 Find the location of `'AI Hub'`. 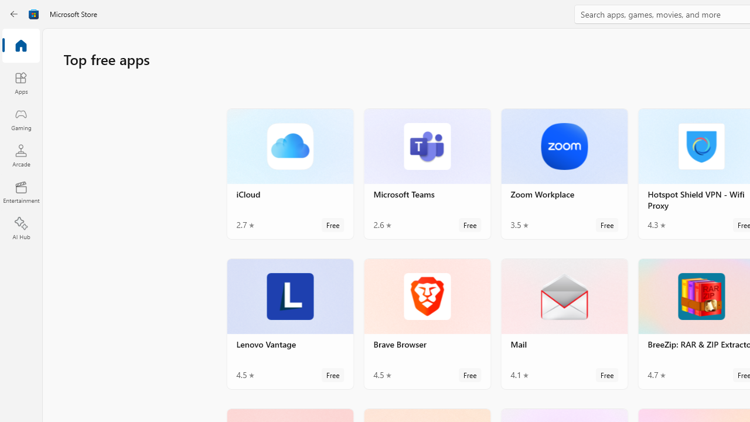

'AI Hub' is located at coordinates (21, 229).